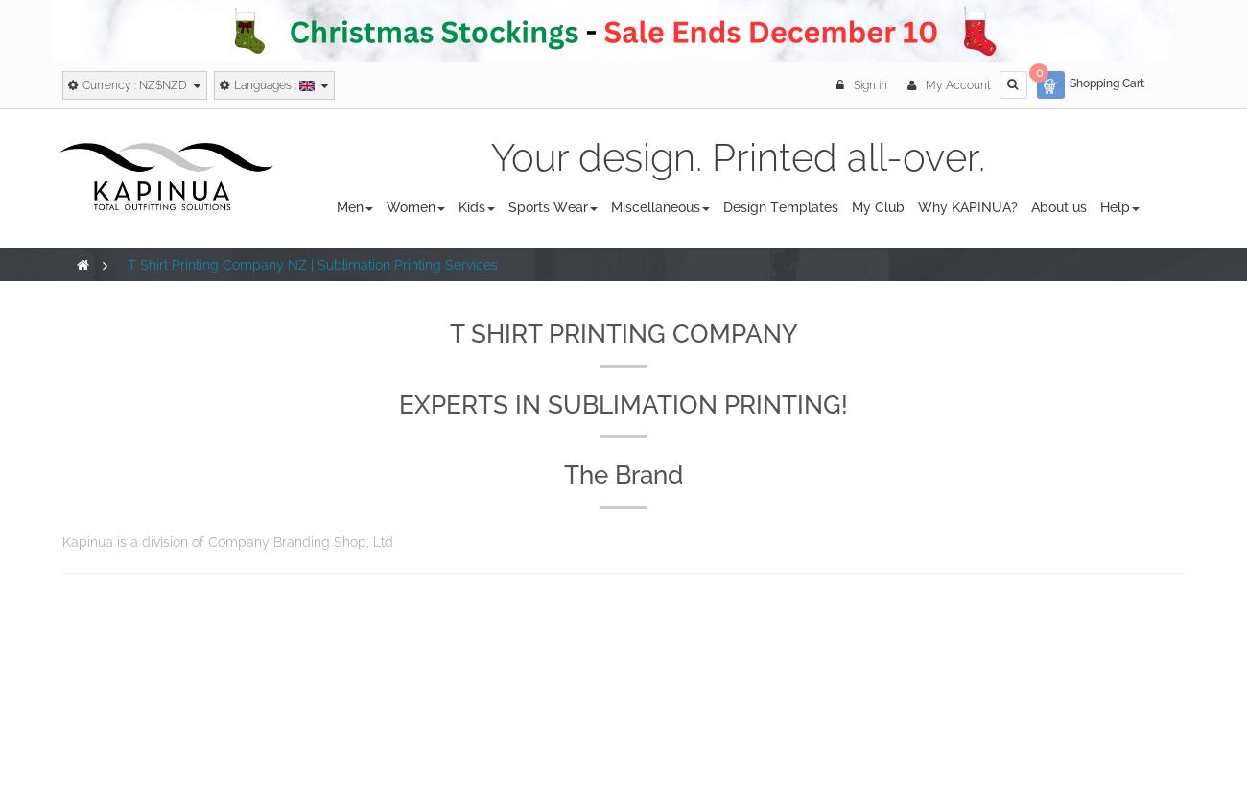 This screenshot has height=807, width=1247. Describe the element at coordinates (870, 83) in the screenshot. I see `'Sign in'` at that location.